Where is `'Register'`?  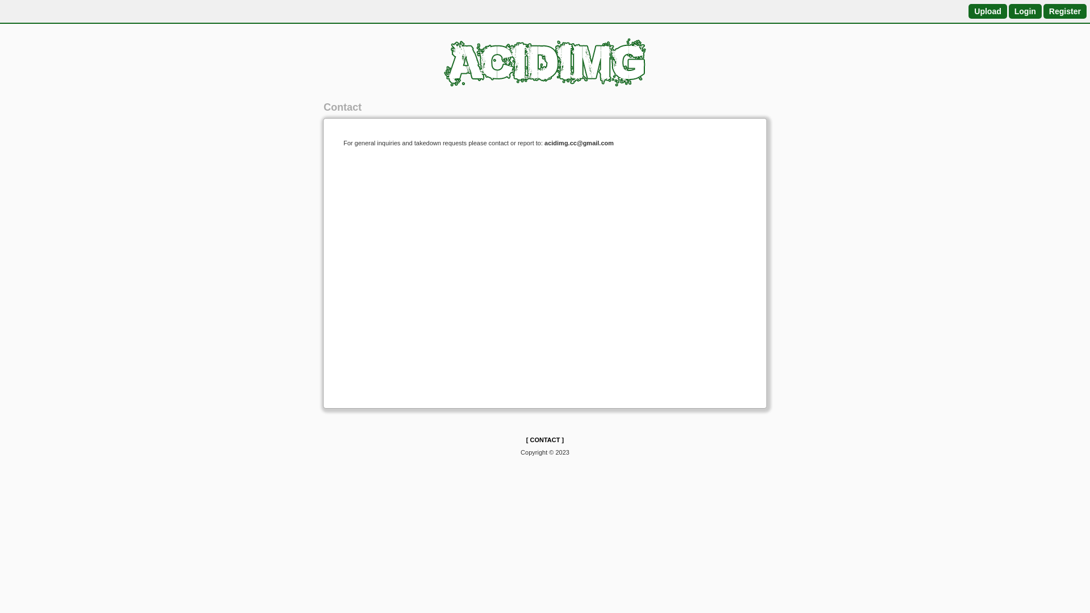
'Register' is located at coordinates (1064, 11).